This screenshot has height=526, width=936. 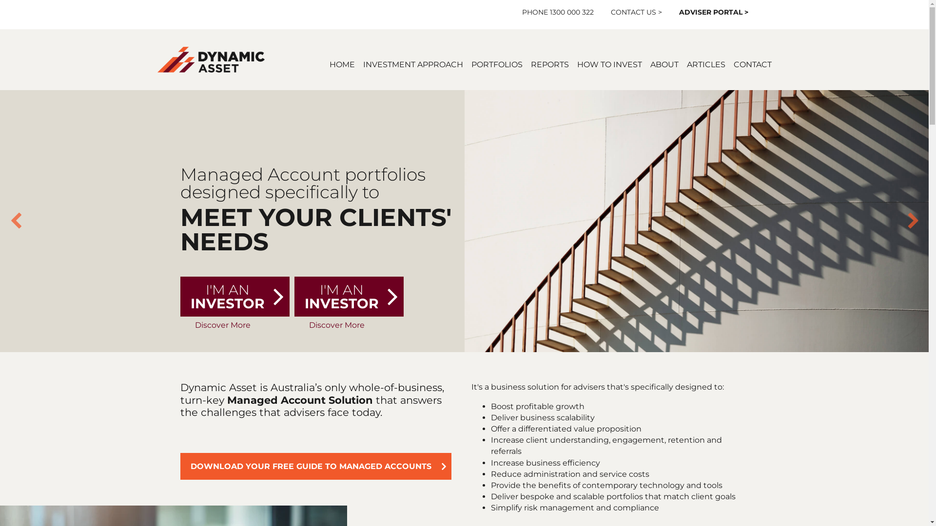 I want to click on 'ABOUT', so click(x=664, y=64).